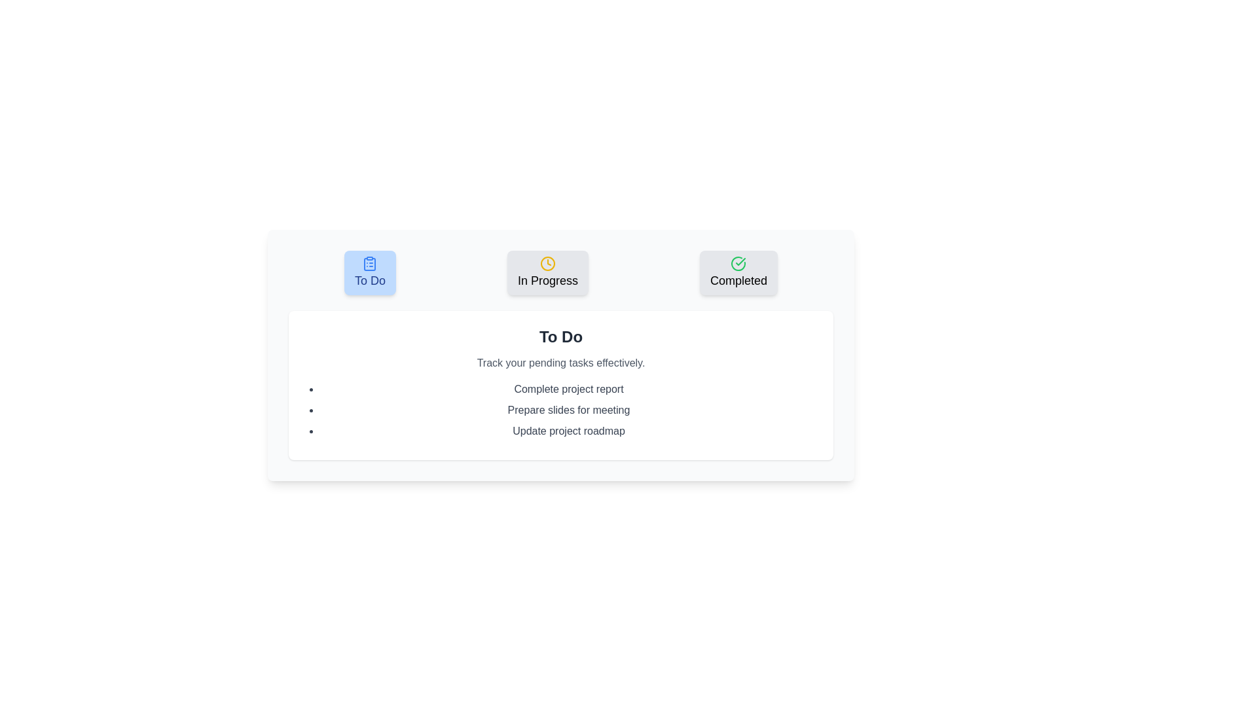  I want to click on the button corresponding to the task category To Do, so click(369, 272).